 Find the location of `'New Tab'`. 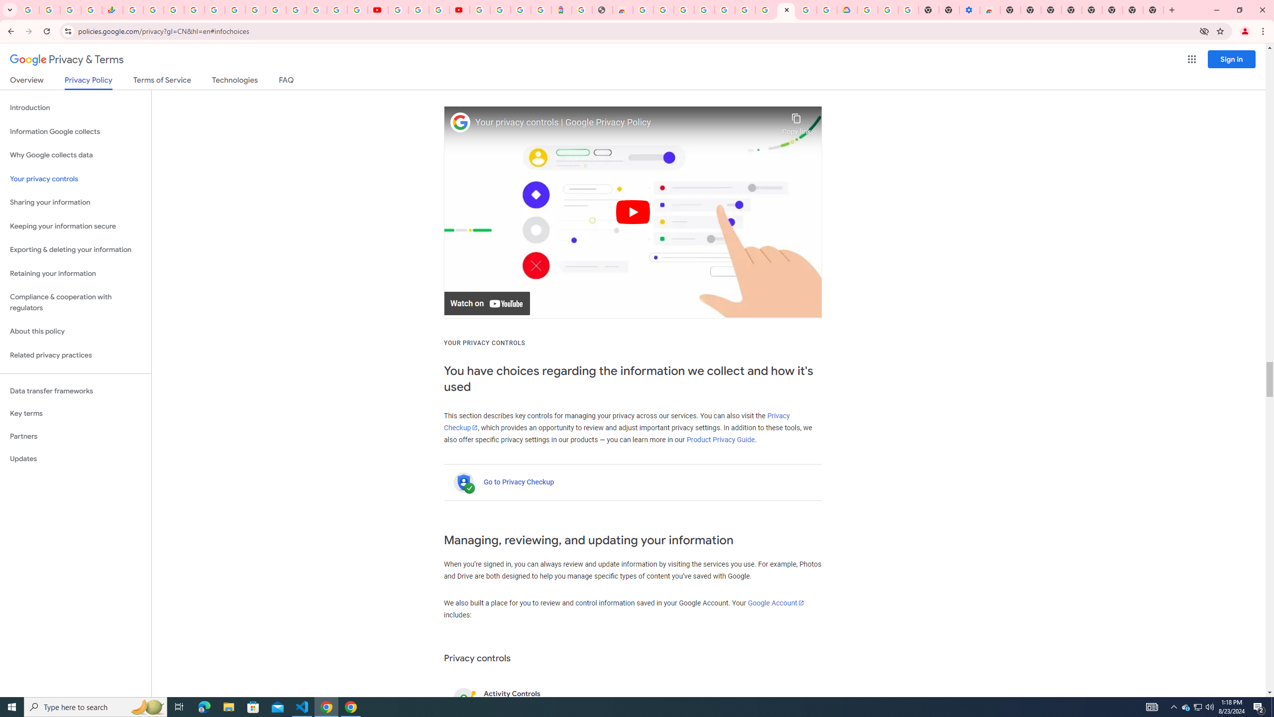

'New Tab' is located at coordinates (1154, 9).